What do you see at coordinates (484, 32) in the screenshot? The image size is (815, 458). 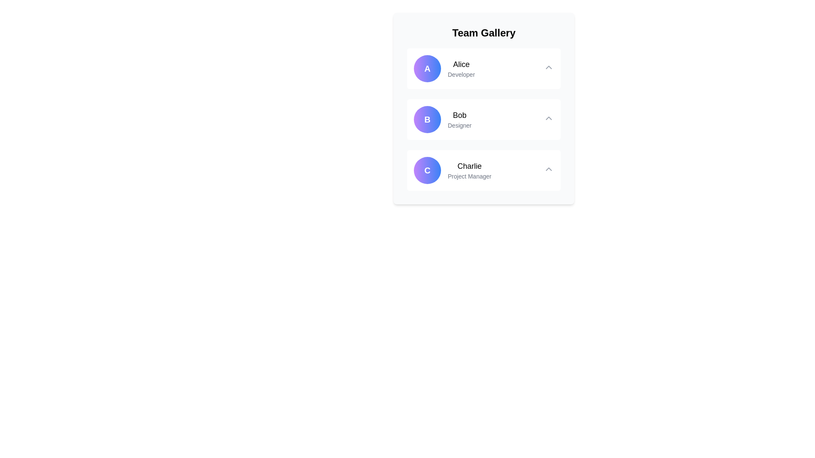 I see `bold header text 'Team Gallery' displayed at the top of the section, which is styled with a large font size and has noticeable spacing below it` at bounding box center [484, 32].